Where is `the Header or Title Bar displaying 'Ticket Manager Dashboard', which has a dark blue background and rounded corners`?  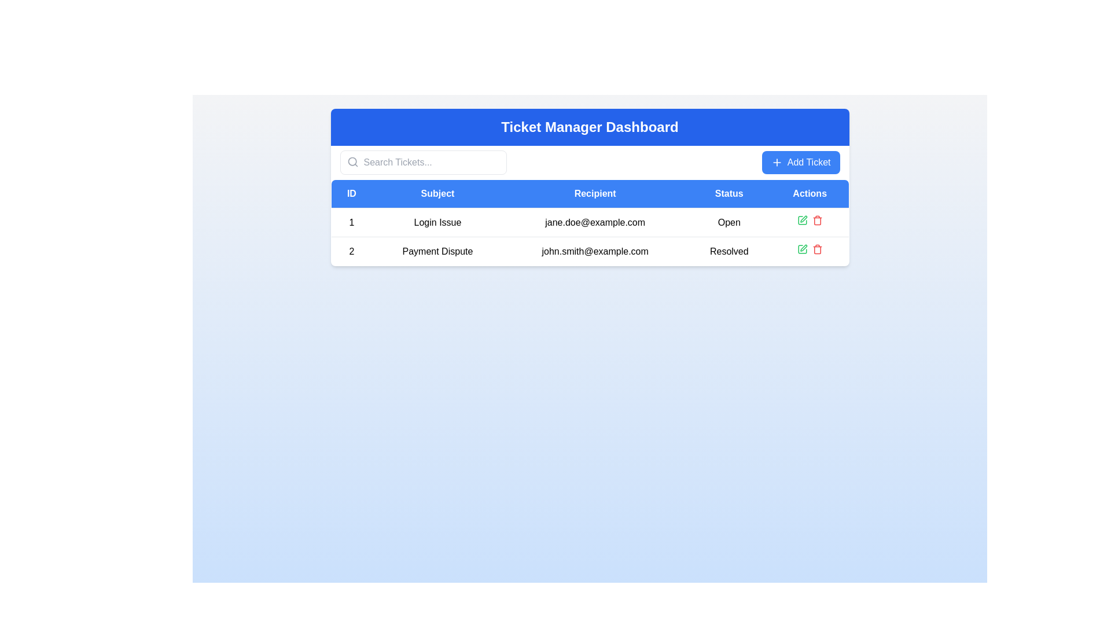
the Header or Title Bar displaying 'Ticket Manager Dashboard', which has a dark blue background and rounded corners is located at coordinates (590, 127).